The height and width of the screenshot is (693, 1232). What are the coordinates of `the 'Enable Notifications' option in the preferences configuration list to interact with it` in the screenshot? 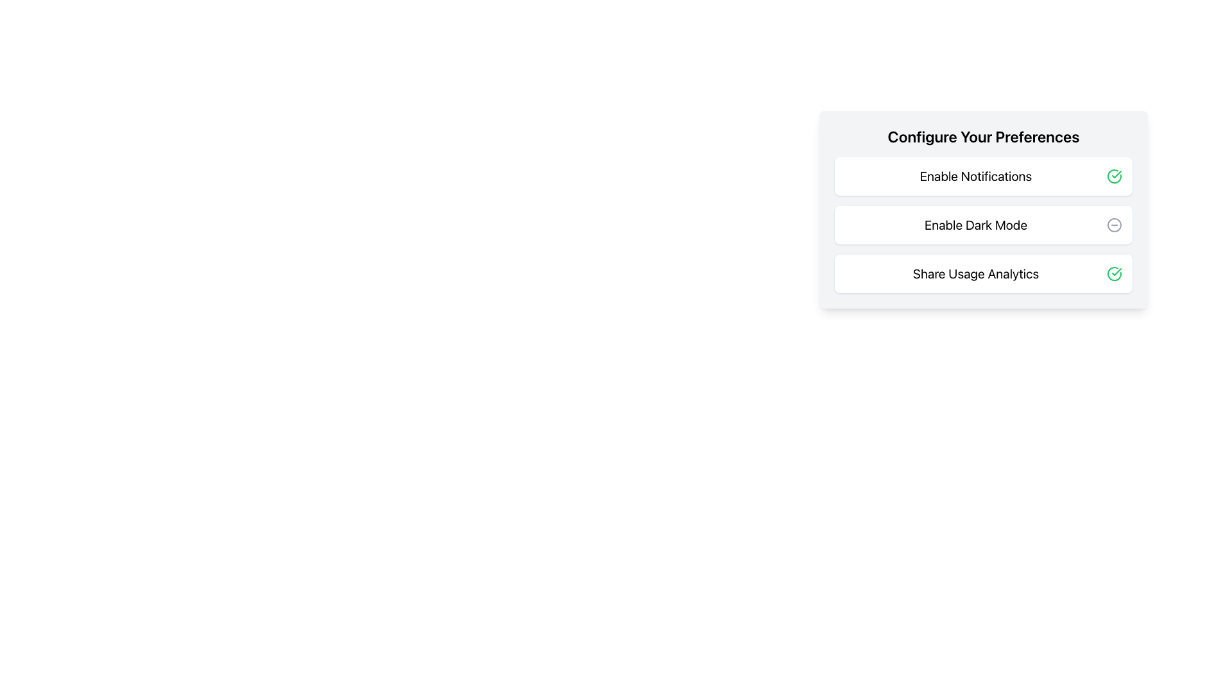 It's located at (982, 176).